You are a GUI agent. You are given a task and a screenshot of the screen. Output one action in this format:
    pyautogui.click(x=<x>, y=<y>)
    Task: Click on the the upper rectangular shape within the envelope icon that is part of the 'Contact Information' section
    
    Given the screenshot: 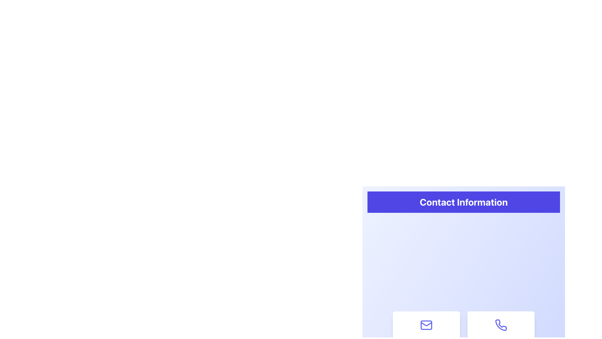 What is the action you would take?
    pyautogui.click(x=426, y=325)
    